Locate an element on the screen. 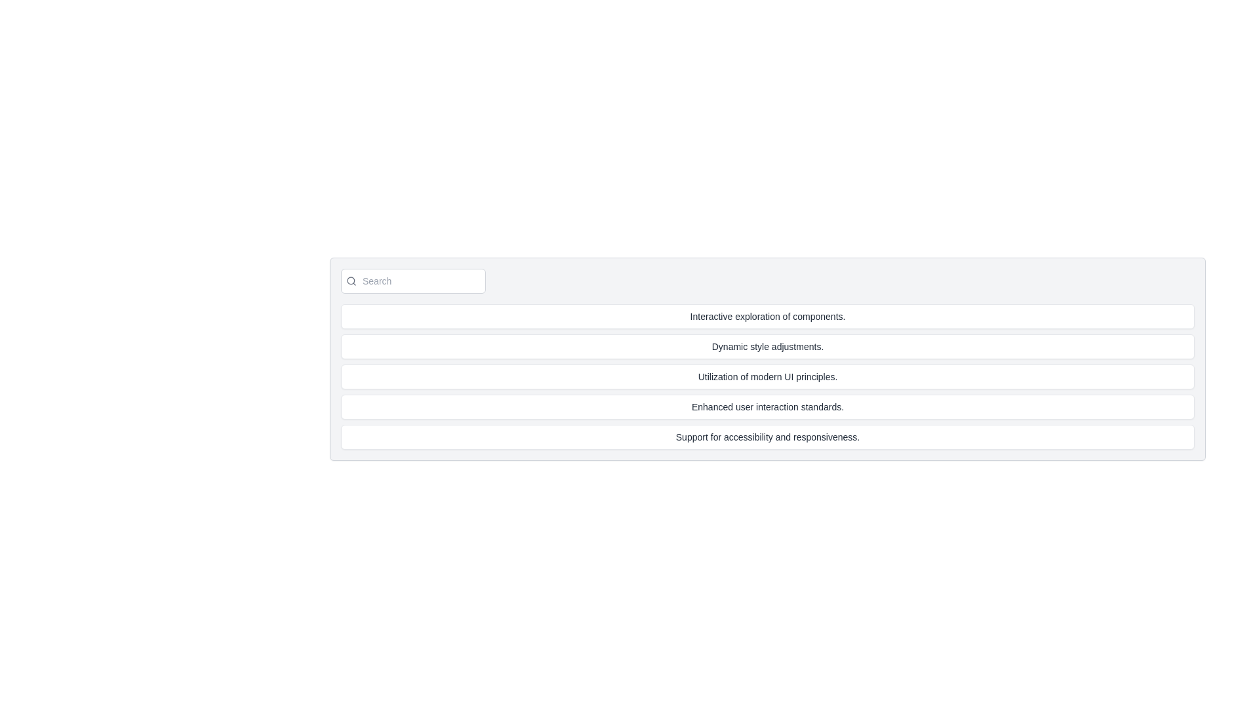 This screenshot has width=1259, height=708. the character 'e' located in the text 'Interactive exploration of components.' to focus the text is located at coordinates (729, 316).